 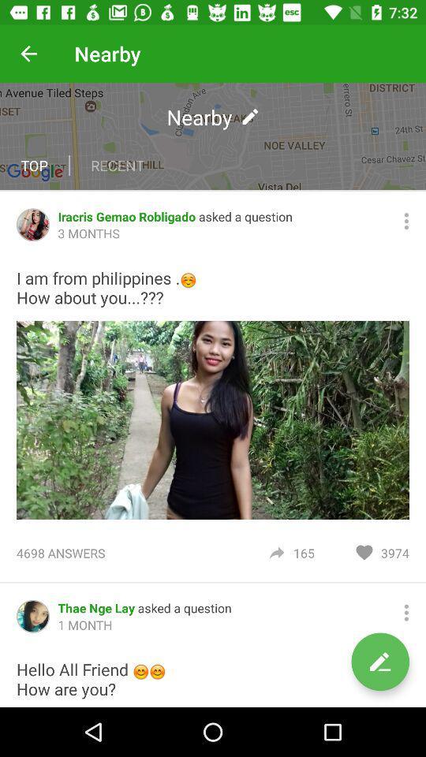 I want to click on the item to the right of the hello all friend, so click(x=379, y=662).